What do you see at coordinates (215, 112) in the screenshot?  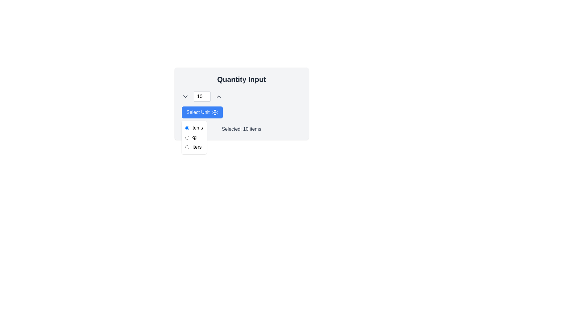 I see `the settings icon located to the right of the 'Select Unit' button` at bounding box center [215, 112].